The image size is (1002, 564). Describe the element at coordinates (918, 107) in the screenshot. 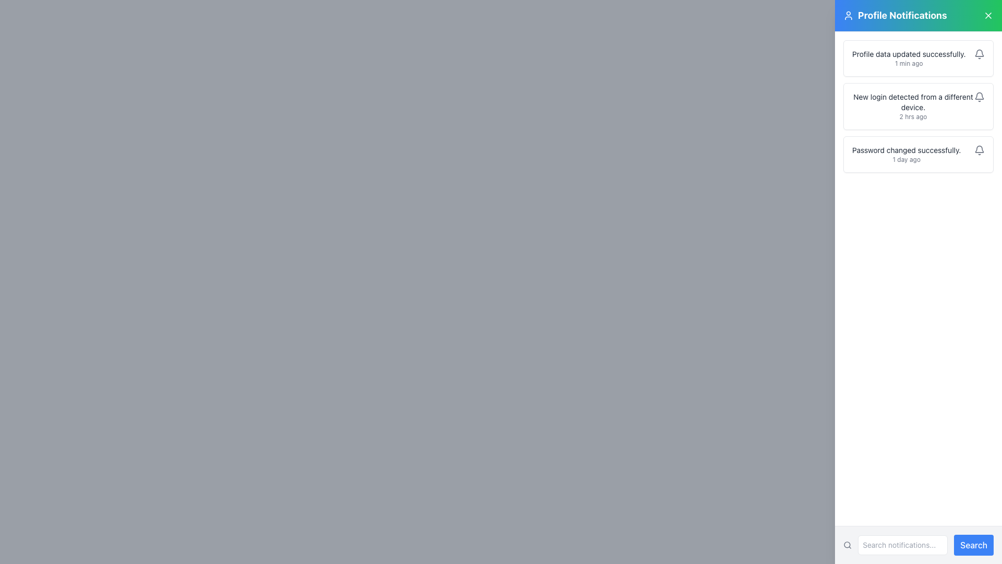

I see `the second notification card in the 'Profile Notifications' sidebar, which contains the message 'New login detected from a different device.'` at that location.